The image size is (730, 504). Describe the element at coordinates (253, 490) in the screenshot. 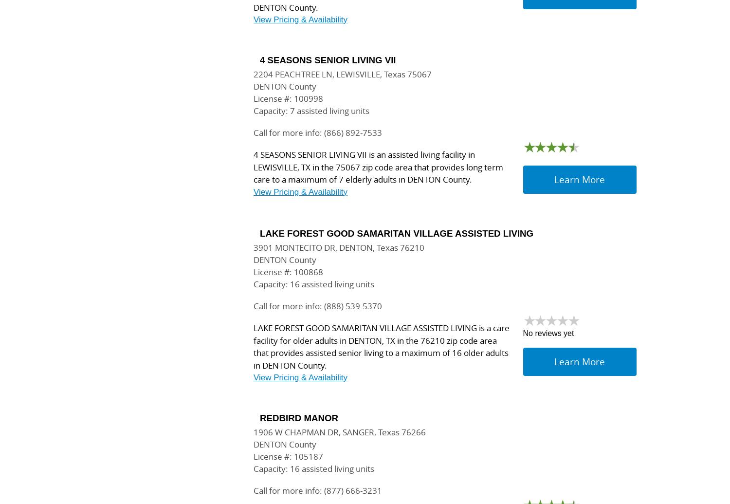

I see `'Call for more info: (877) 666-3231'` at that location.